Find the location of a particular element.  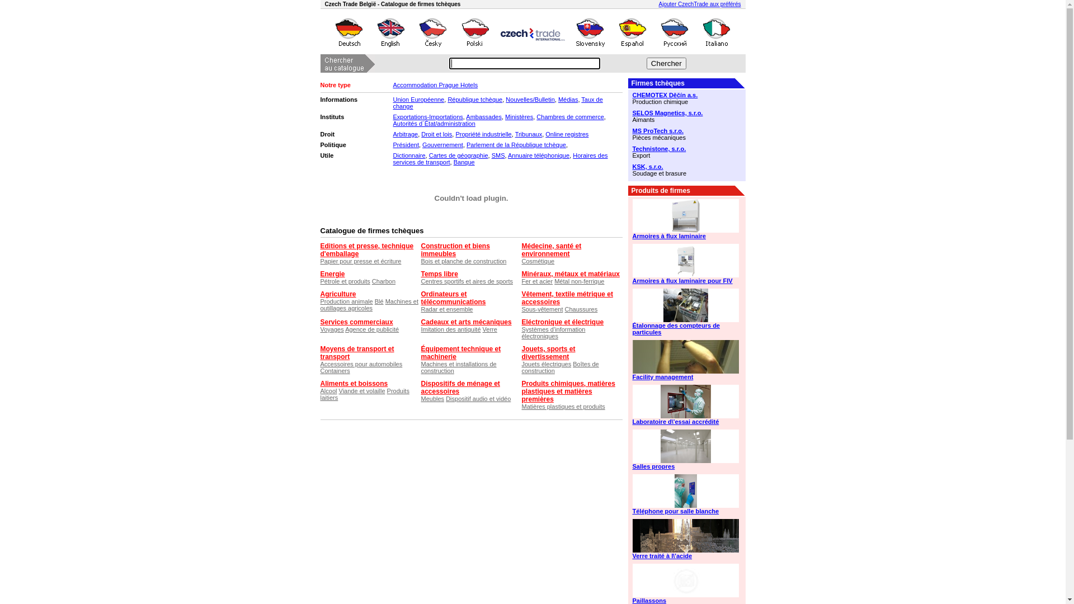

'Services commerciaux' is located at coordinates (356, 322).